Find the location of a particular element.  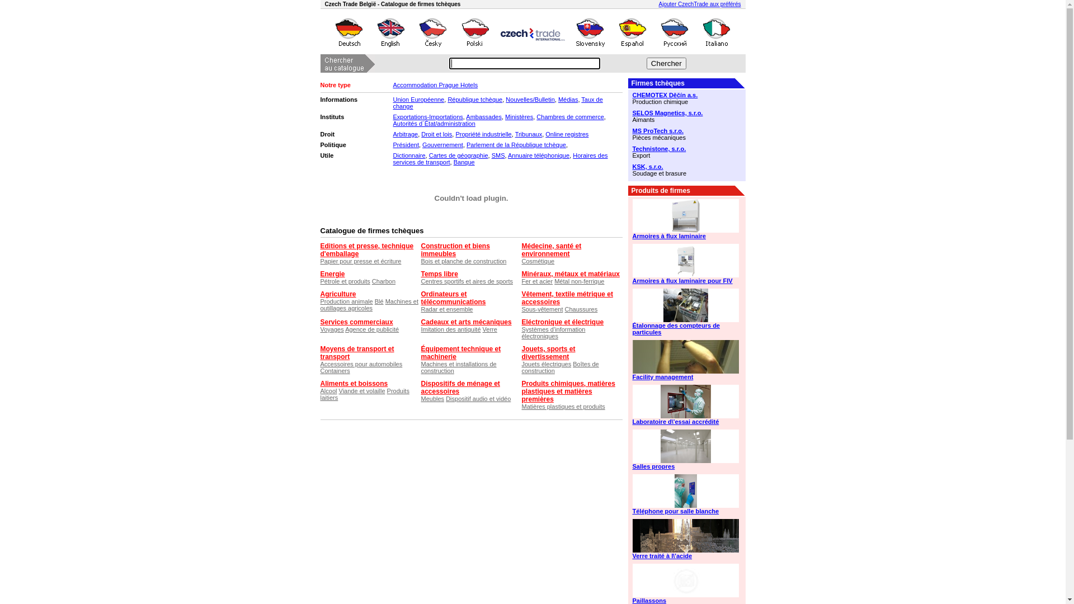

'Services commerciaux' is located at coordinates (356, 322).